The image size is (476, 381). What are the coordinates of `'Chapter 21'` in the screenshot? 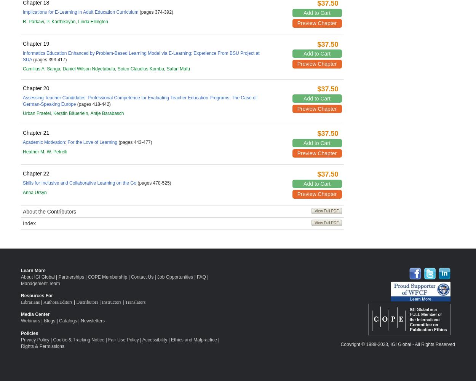 It's located at (23, 133).